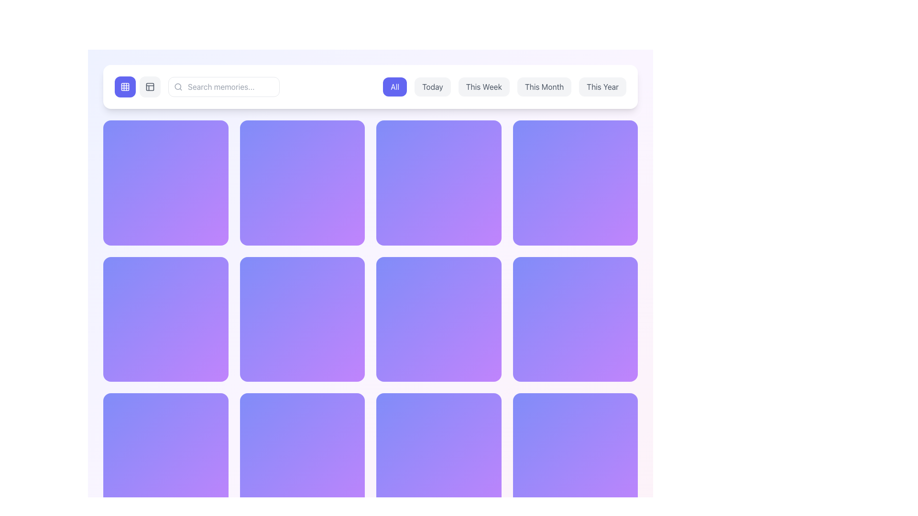  Describe the element at coordinates (302, 319) in the screenshot. I see `the second tile in the second row of the grid layout, which is a square-shaped tile with a gradient background transitioning from indigo to purple` at that location.